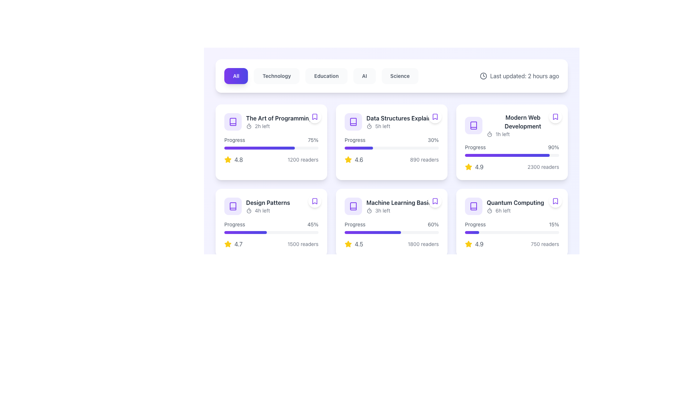 This screenshot has height=393, width=698. What do you see at coordinates (249, 126) in the screenshot?
I see `the timer icon located to the left of the text '2h left' in the card for 'The Art of Programming'` at bounding box center [249, 126].